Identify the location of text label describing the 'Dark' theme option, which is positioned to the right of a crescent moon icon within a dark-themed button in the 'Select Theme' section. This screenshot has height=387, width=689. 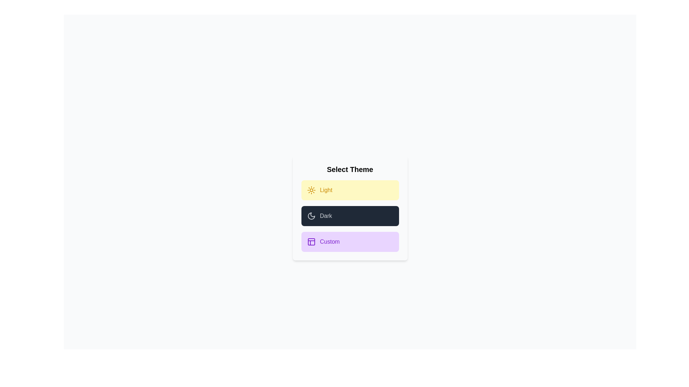
(325, 215).